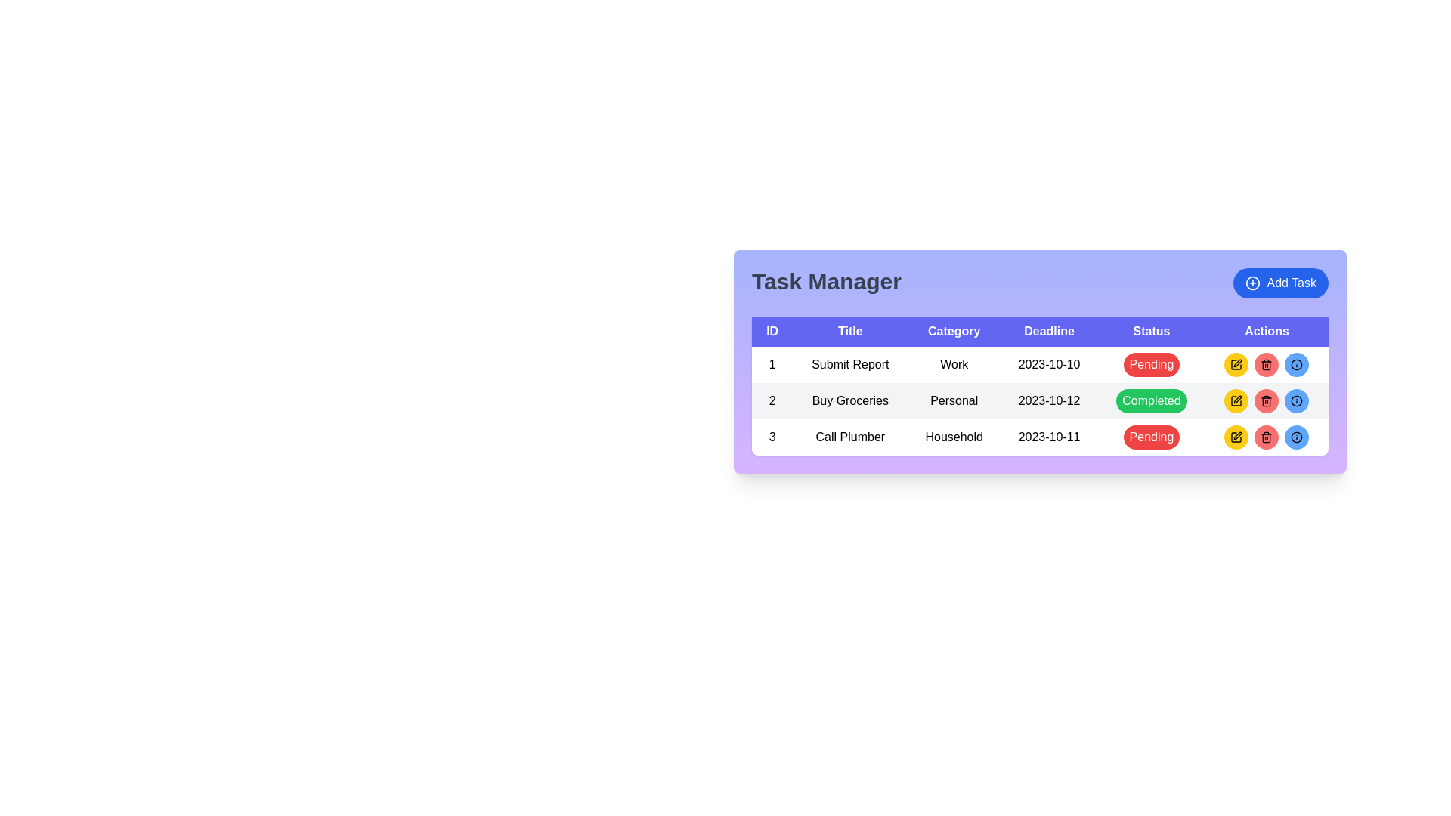 The width and height of the screenshot is (1451, 816). I want to click on the 'Pending' status indicator in the 'Status' column of the last row of the task table labeled 'Task Manager' to update the task status, so click(1150, 437).